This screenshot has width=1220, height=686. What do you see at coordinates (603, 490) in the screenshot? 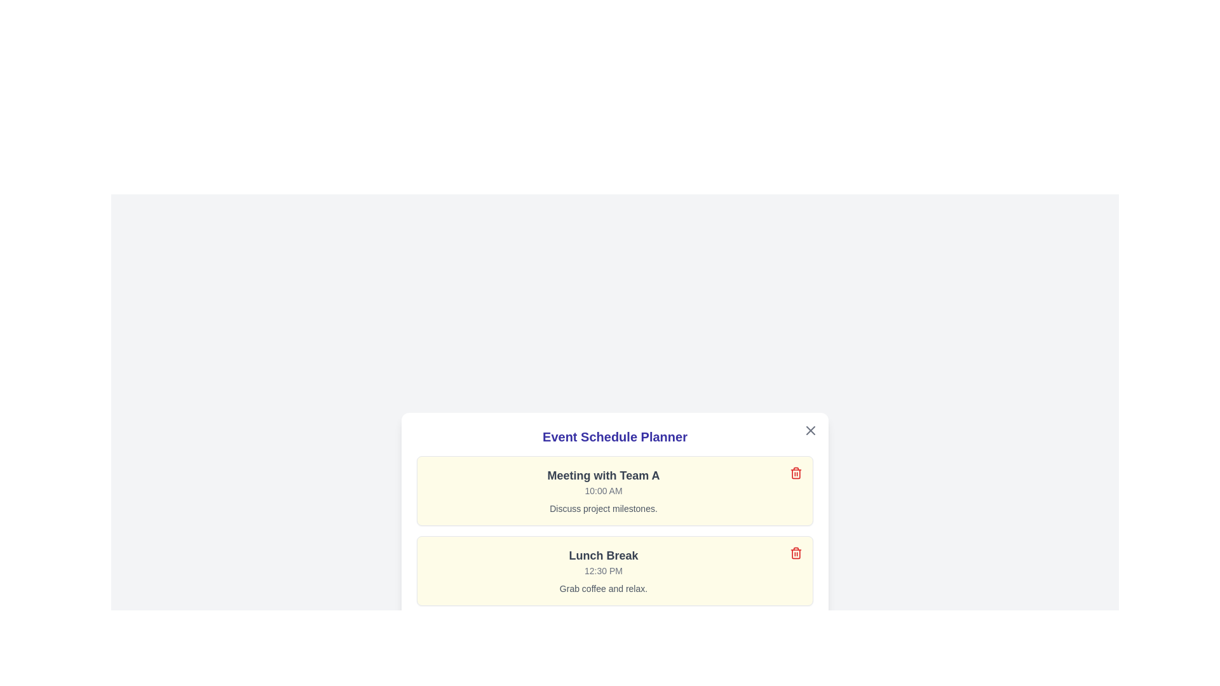
I see `the Text label that indicates the scheduled time for an event, positioned below the title 'Meeting with Team A' and above the description 'Discuss project milestones'` at bounding box center [603, 490].